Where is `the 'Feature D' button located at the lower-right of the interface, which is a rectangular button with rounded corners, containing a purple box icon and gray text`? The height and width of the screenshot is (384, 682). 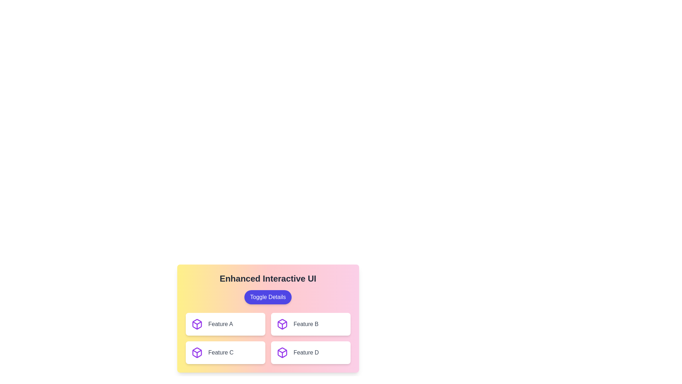
the 'Feature D' button located at the lower-right of the interface, which is a rectangular button with rounded corners, containing a purple box icon and gray text is located at coordinates (310, 352).